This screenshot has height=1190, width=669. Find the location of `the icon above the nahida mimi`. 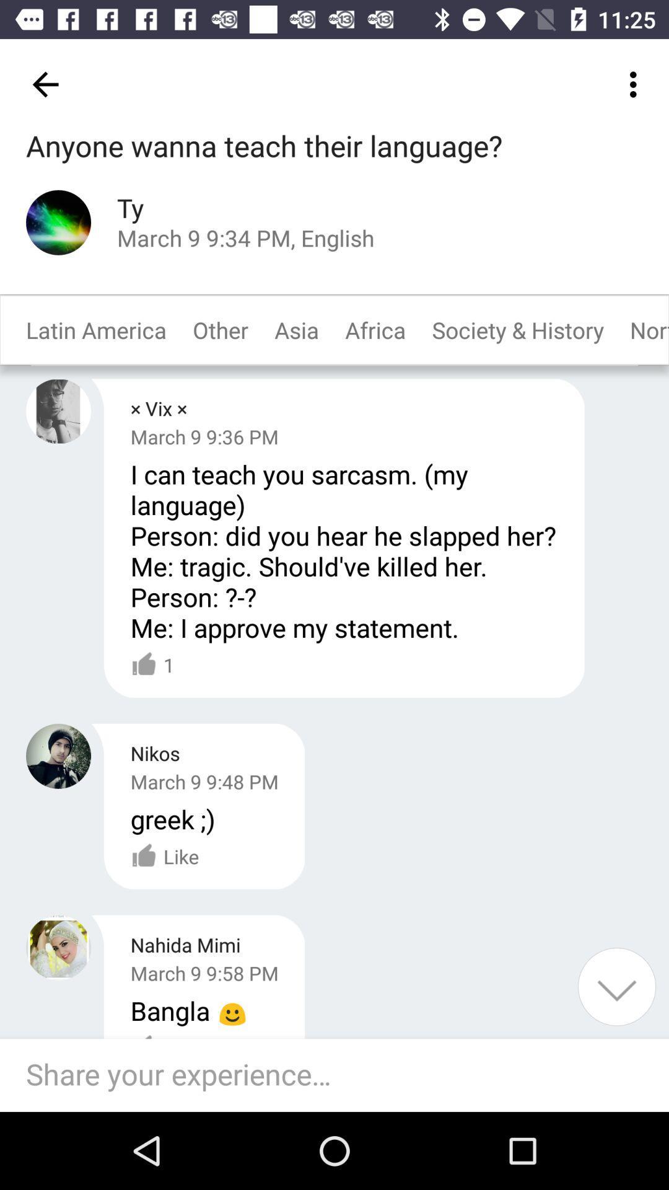

the icon above the nahida mimi is located at coordinates (172, 819).